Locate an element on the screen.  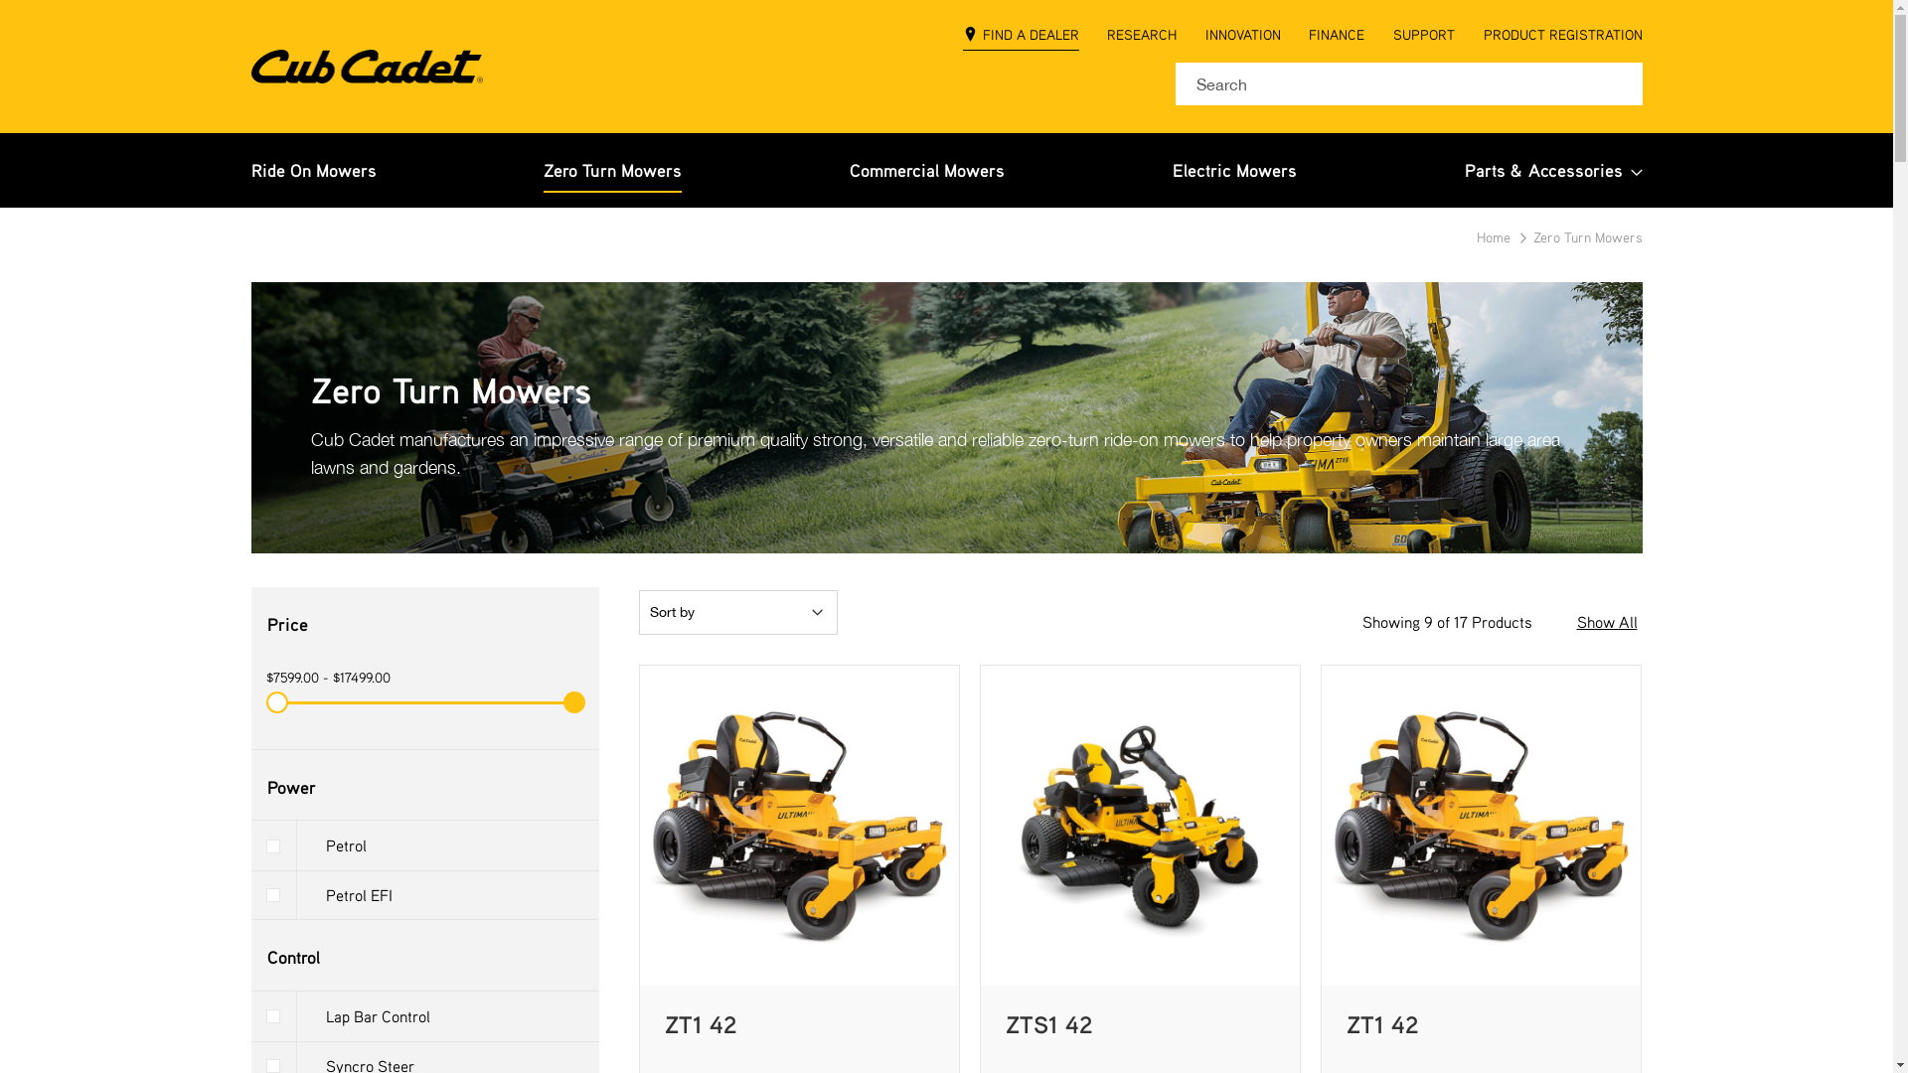
'PRODUCT REGISTRATION' is located at coordinates (1561, 37).